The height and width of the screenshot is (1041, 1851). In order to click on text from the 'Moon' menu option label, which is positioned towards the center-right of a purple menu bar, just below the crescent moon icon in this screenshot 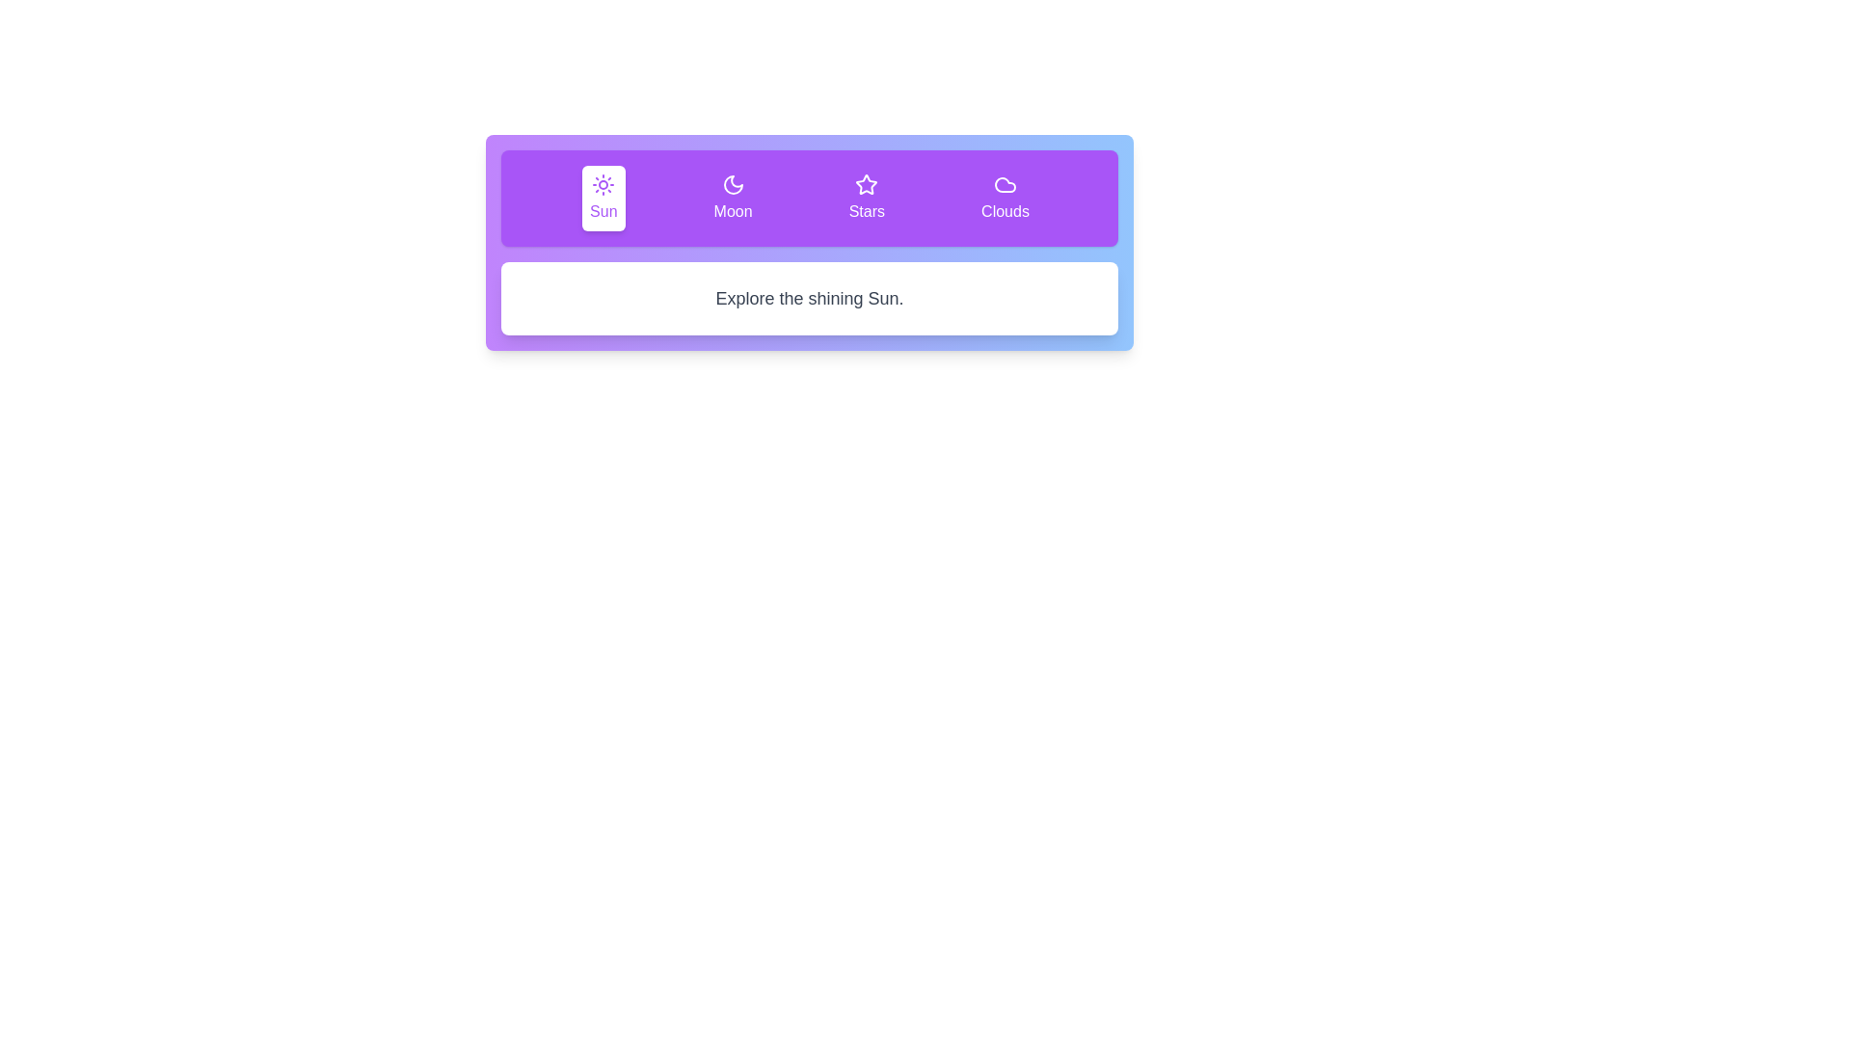, I will do `click(732, 211)`.